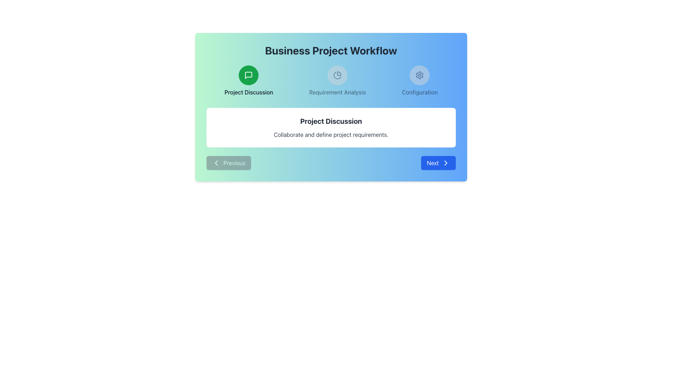 The width and height of the screenshot is (680, 382). I want to click on the circular icon with a light gray background and dark gray gear symbol located in the top right of the 'Configuration' section, so click(420, 75).